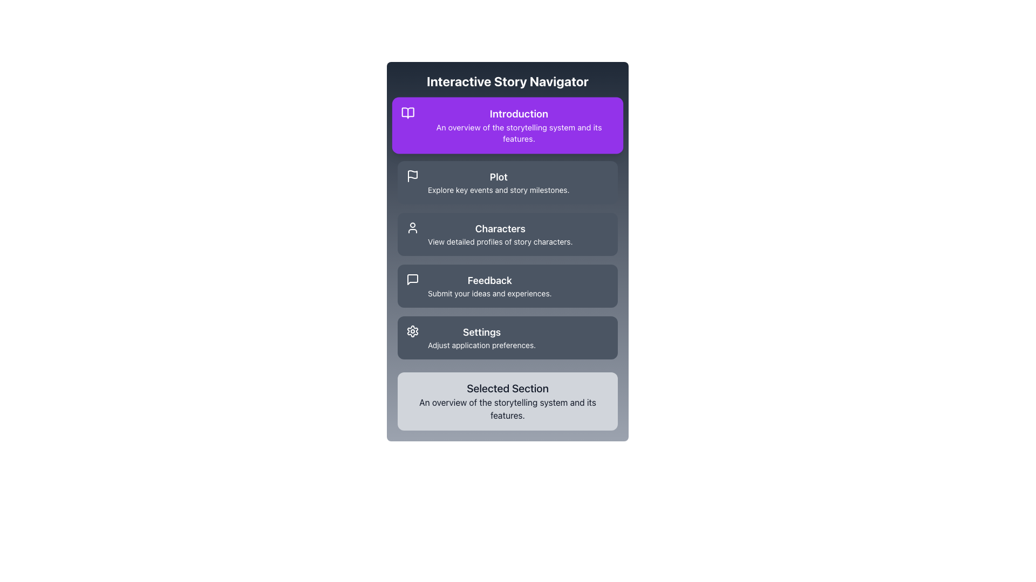 This screenshot has width=1036, height=582. What do you see at coordinates (481, 332) in the screenshot?
I see `the 'Settings' text label, which is styled with bold white font on a dark blue background, located in the lower section of a vertical menu` at bounding box center [481, 332].